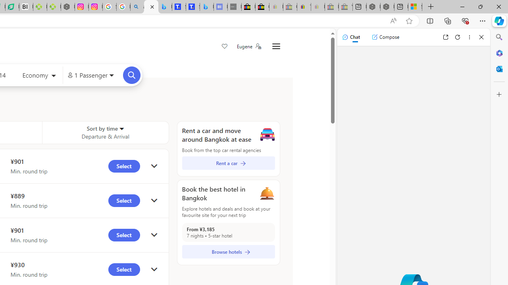  What do you see at coordinates (109, 7) in the screenshot?
I see `'Safety in Our Products - Google Safety Center'` at bounding box center [109, 7].